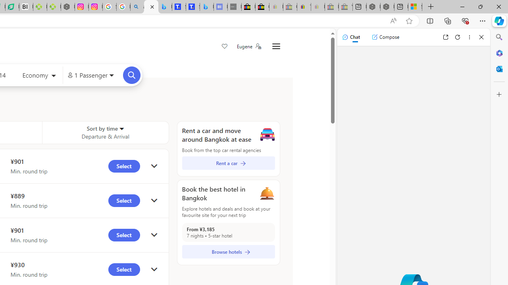  What do you see at coordinates (109, 7) in the screenshot?
I see `'Safety in Our Products - Google Safety Center'` at bounding box center [109, 7].